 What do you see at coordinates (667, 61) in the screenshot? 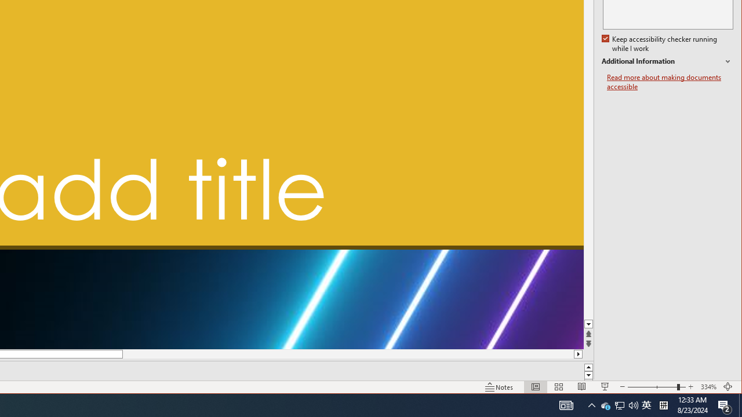
I see `'Additional Information'` at bounding box center [667, 61].